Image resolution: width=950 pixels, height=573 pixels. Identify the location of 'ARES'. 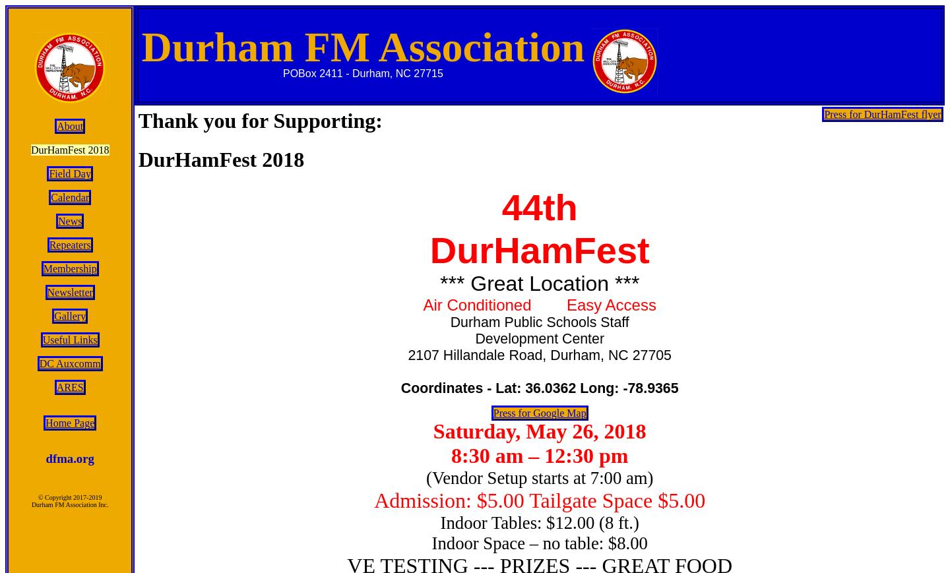
(55, 387).